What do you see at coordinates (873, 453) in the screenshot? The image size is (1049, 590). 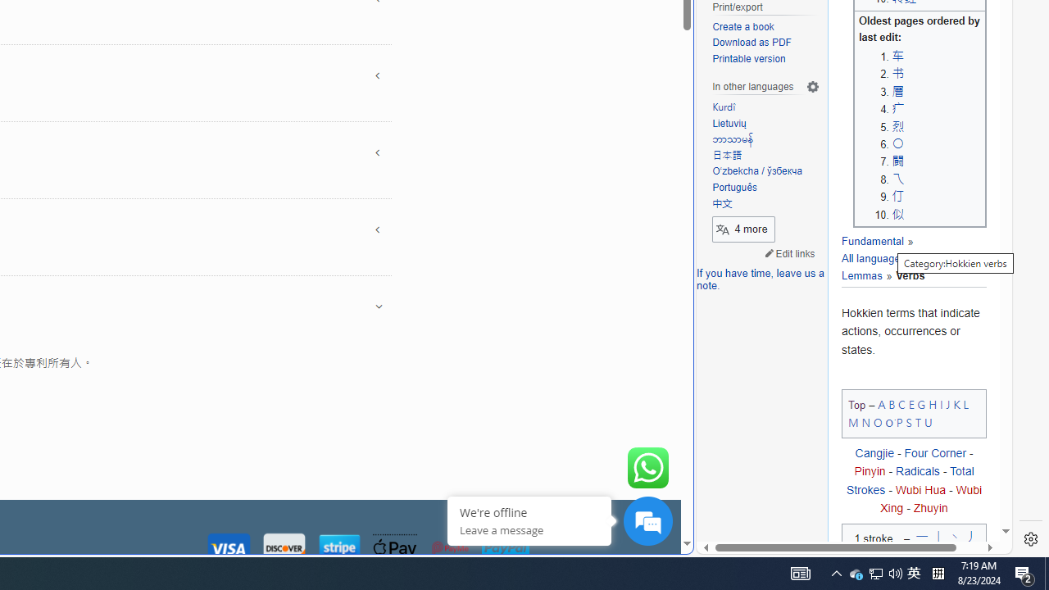 I see `'Cangjie'` at bounding box center [873, 453].